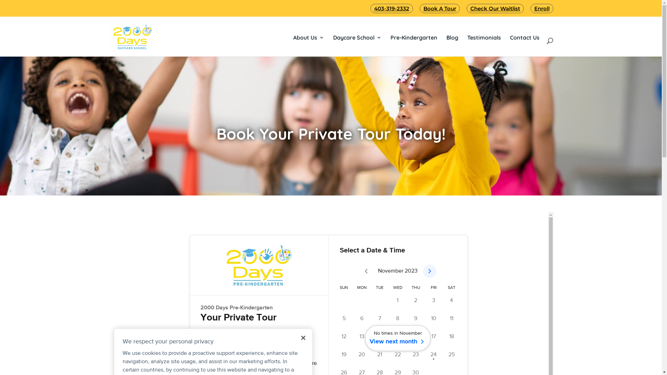 The image size is (667, 375). Describe the element at coordinates (446, 37) in the screenshot. I see `'Blog'` at that location.